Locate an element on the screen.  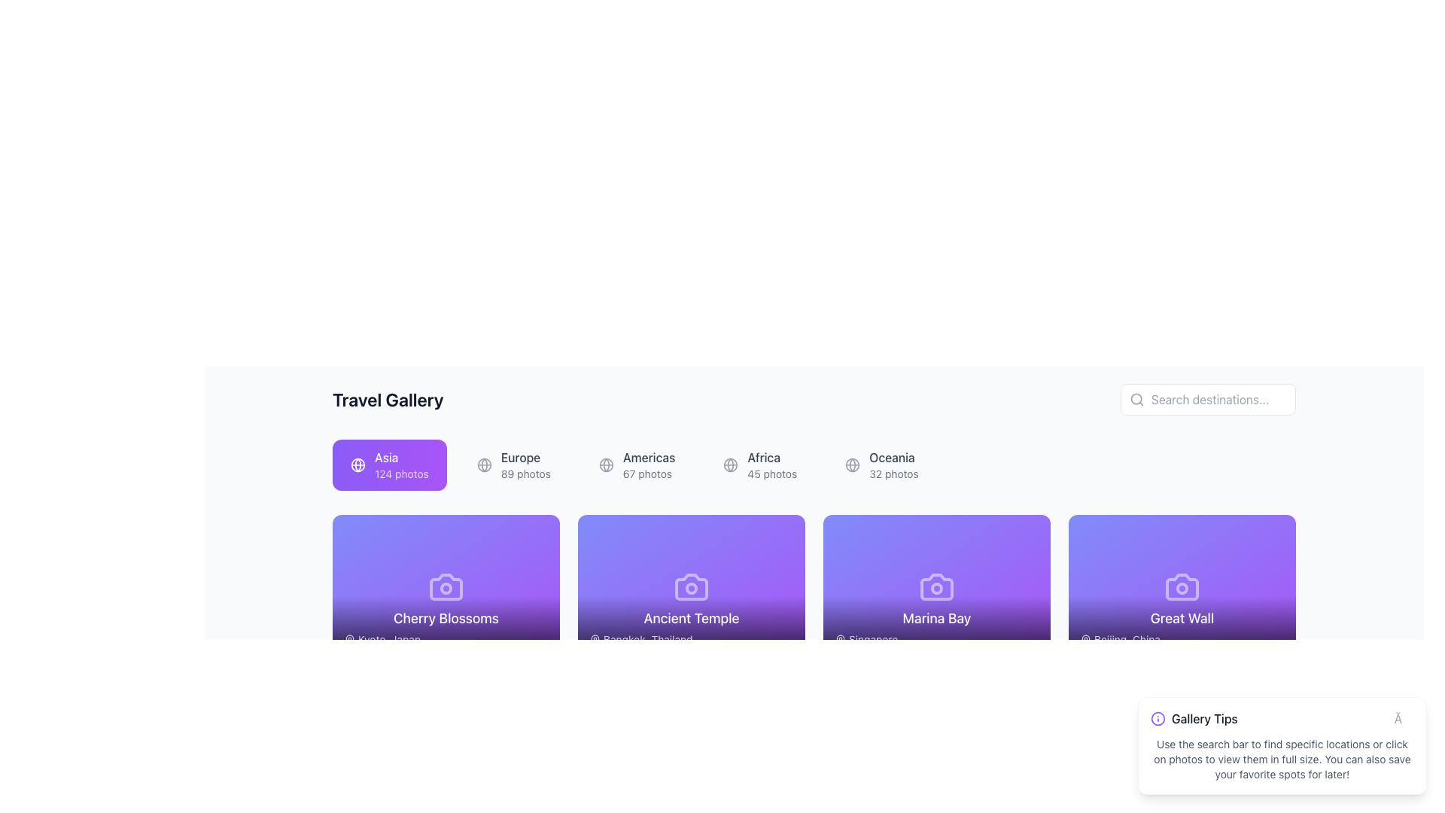
the second button in the button group located at the top-right corner of the 'Great Wall' card in the gallery view to share the card's content is located at coordinates (1239, 539).